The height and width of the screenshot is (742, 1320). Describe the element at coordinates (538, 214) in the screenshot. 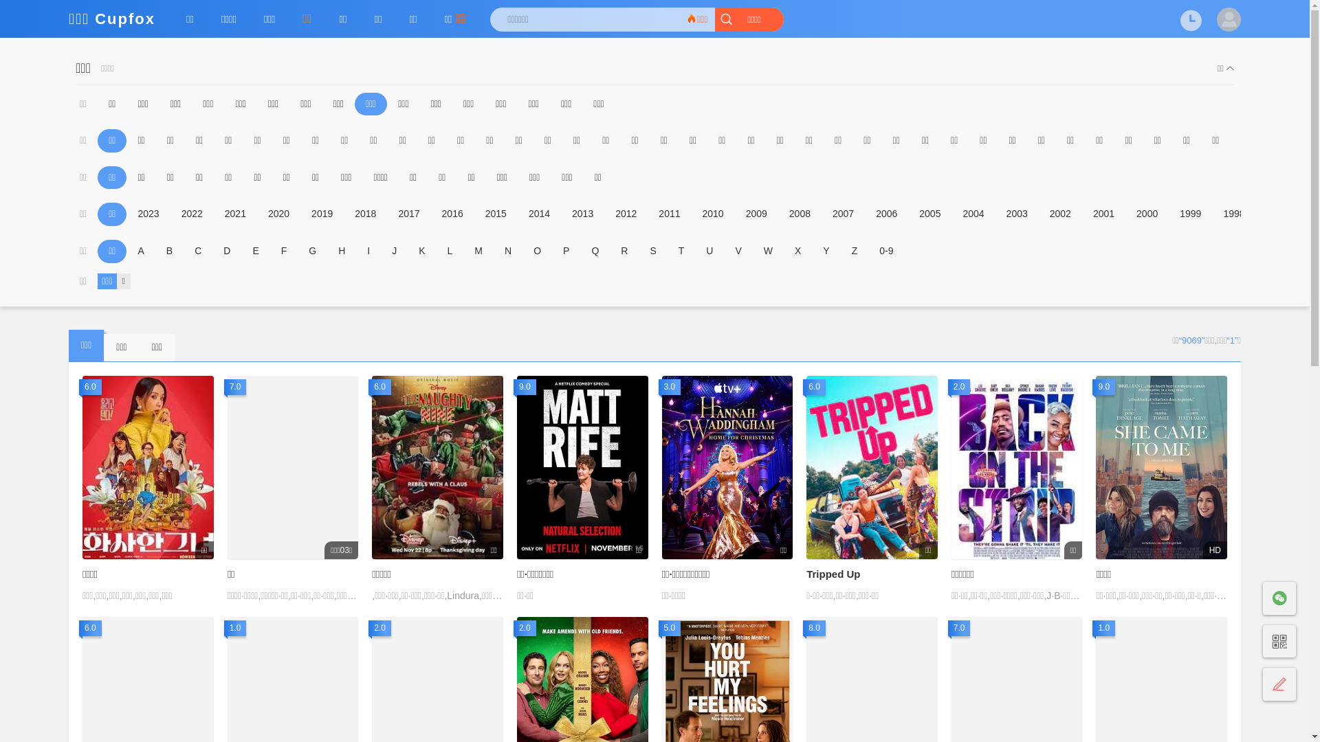

I see `'2014'` at that location.